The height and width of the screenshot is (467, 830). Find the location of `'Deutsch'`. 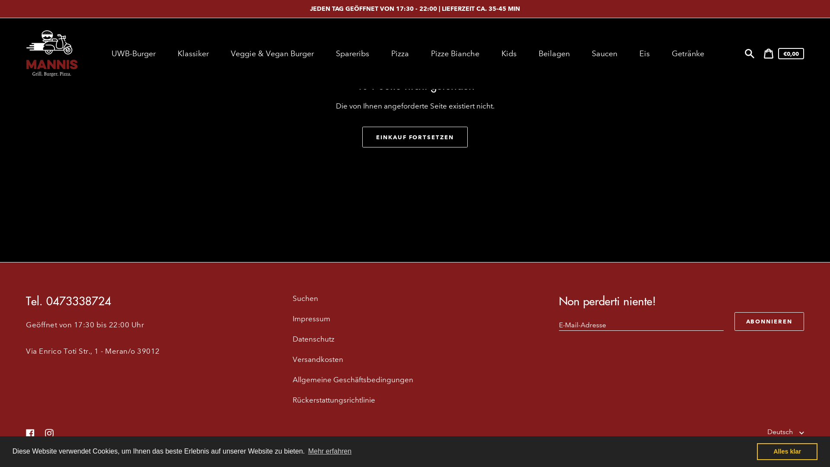

'Deutsch' is located at coordinates (767, 432).